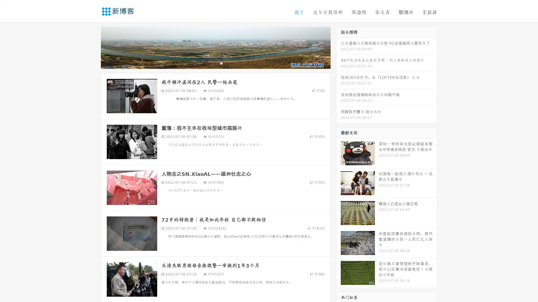  Describe the element at coordinates (221, 63) in the screenshot. I see `Go to slide 3` at that location.